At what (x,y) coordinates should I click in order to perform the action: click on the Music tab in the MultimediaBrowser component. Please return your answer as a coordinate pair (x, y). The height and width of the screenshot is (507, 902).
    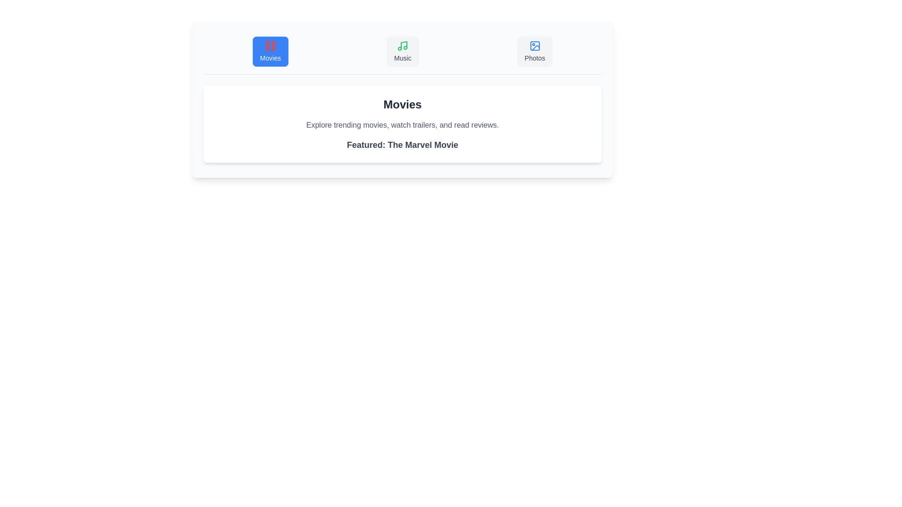
    Looking at the image, I should click on (403, 52).